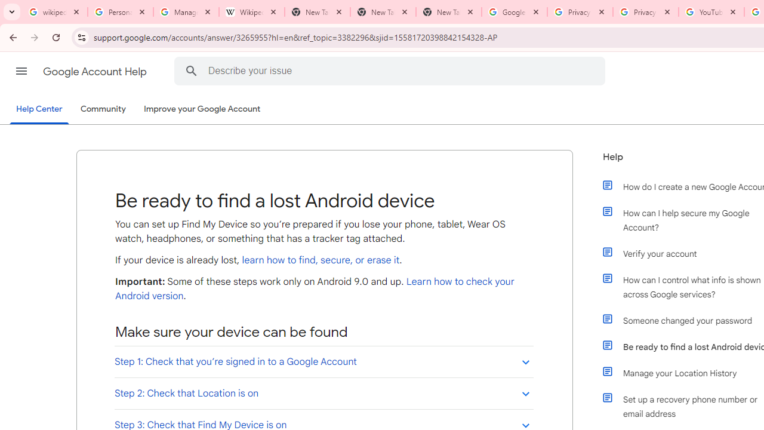  What do you see at coordinates (392, 70) in the screenshot?
I see `'Describe your issue'` at bounding box center [392, 70].